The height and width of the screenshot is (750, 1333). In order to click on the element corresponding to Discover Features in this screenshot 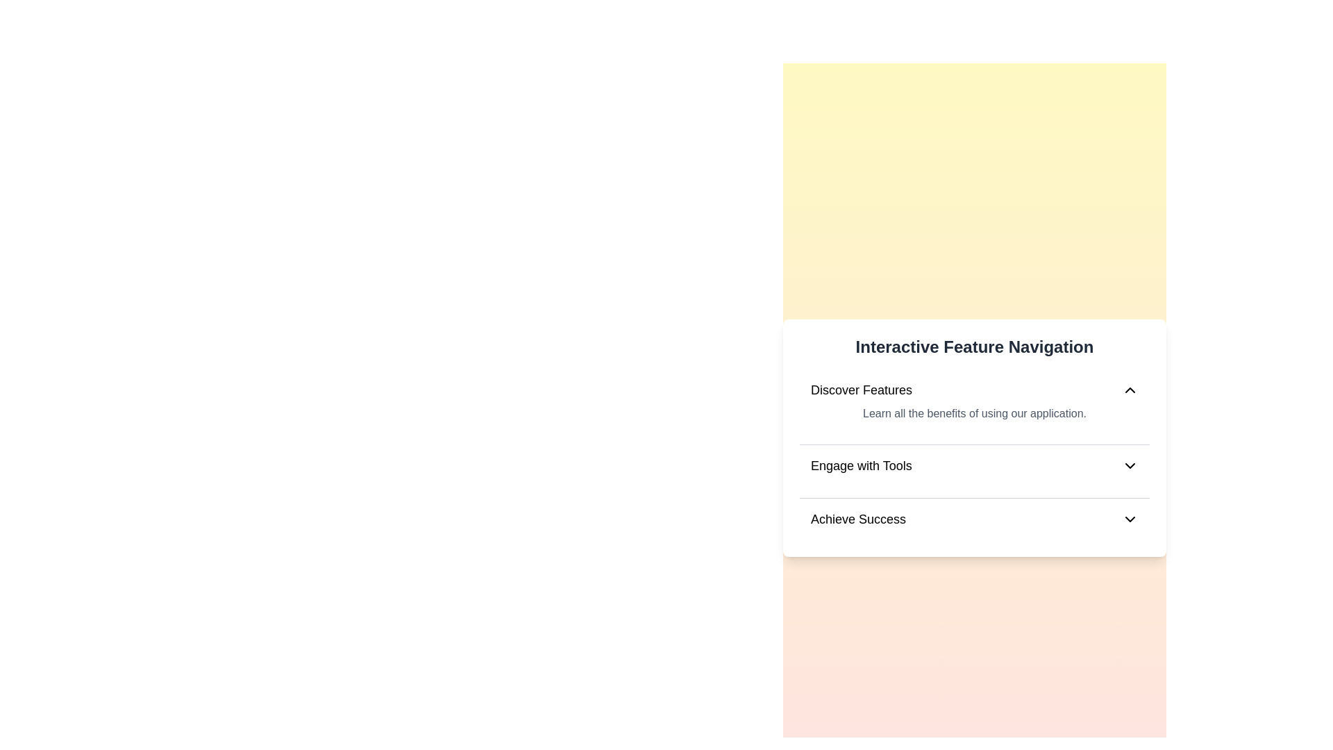, I will do `click(973, 390)`.